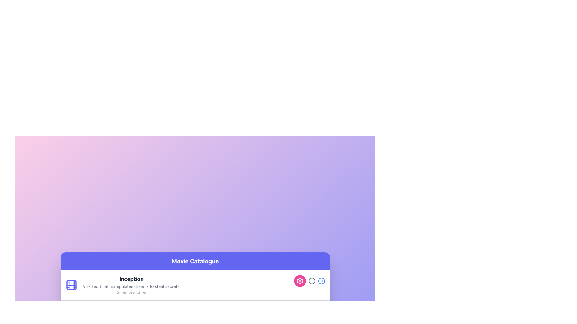 The height and width of the screenshot is (324, 577). What do you see at coordinates (131, 286) in the screenshot?
I see `the static text that reads 'A skilled thief manipulates dreams to steal secrets.', which is positioned below the title 'Inception' and above the genre tag 'Science Fiction'` at bounding box center [131, 286].